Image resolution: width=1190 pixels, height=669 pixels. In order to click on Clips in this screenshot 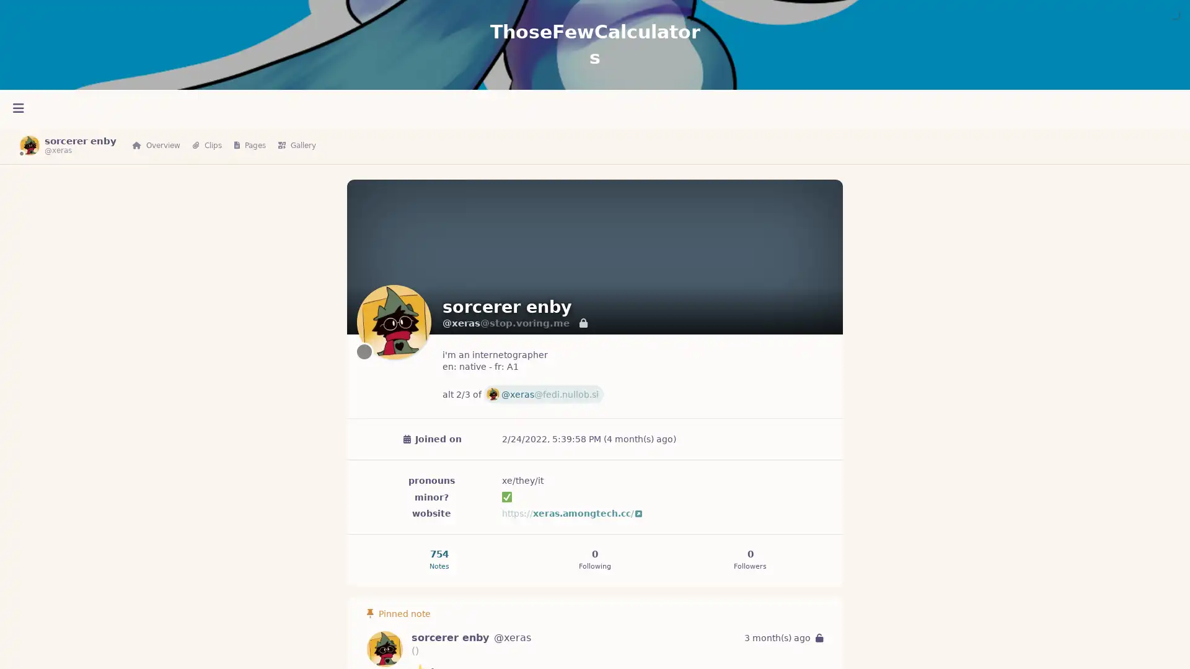, I will do `click(207, 145)`.